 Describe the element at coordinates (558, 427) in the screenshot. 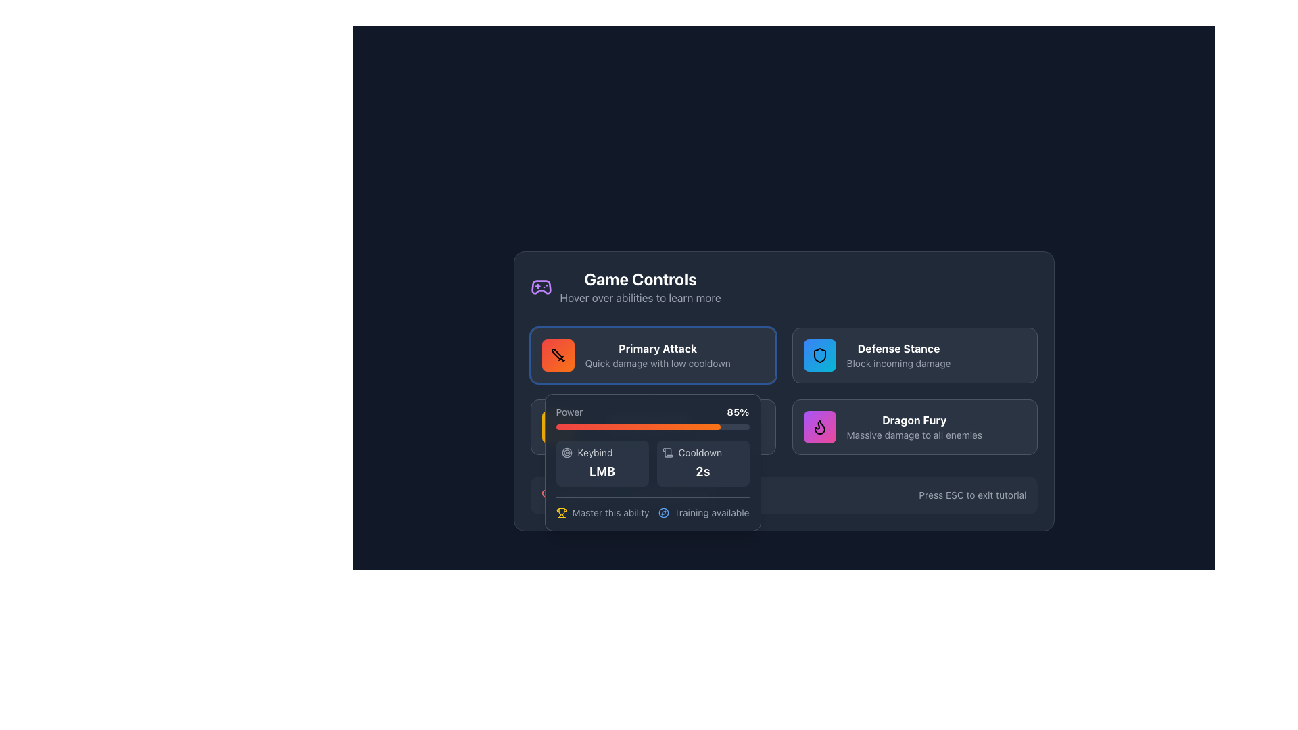

I see `the SVG lightning bolt icon with a gradient background located at the bottom-left corner of the game control panel, specifically at the start of the power bar labeled 'Power 85%'` at that location.